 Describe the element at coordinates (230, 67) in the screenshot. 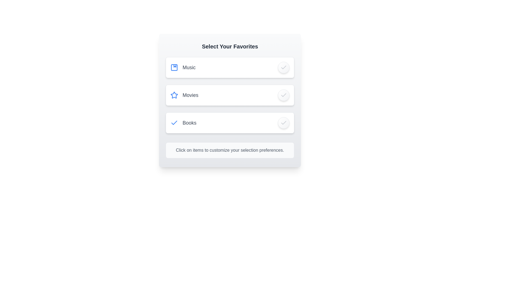

I see `the 'Music' selectable card item at the top of the preferences list` at that location.